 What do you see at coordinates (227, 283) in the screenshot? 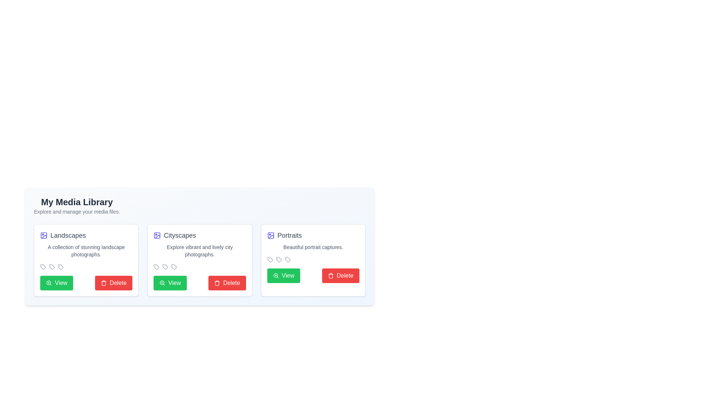
I see `the delete button located under the 'Cityscapes' section in the 'My Media Library' interface, positioned to the right of the 'View' button` at bounding box center [227, 283].